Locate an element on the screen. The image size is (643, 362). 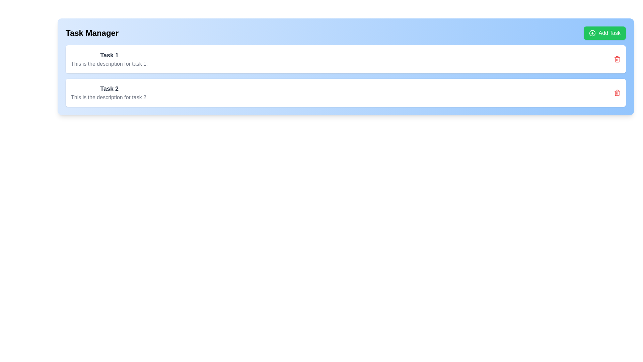
the Text Label that identifies the title of 'Task 1' in the task management interface, located near the top-left of the task section is located at coordinates (109, 55).